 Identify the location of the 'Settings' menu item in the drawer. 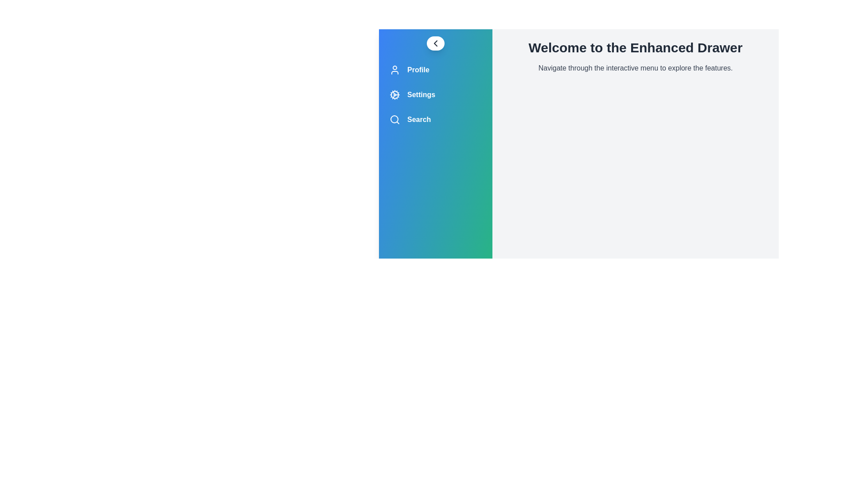
(436, 94).